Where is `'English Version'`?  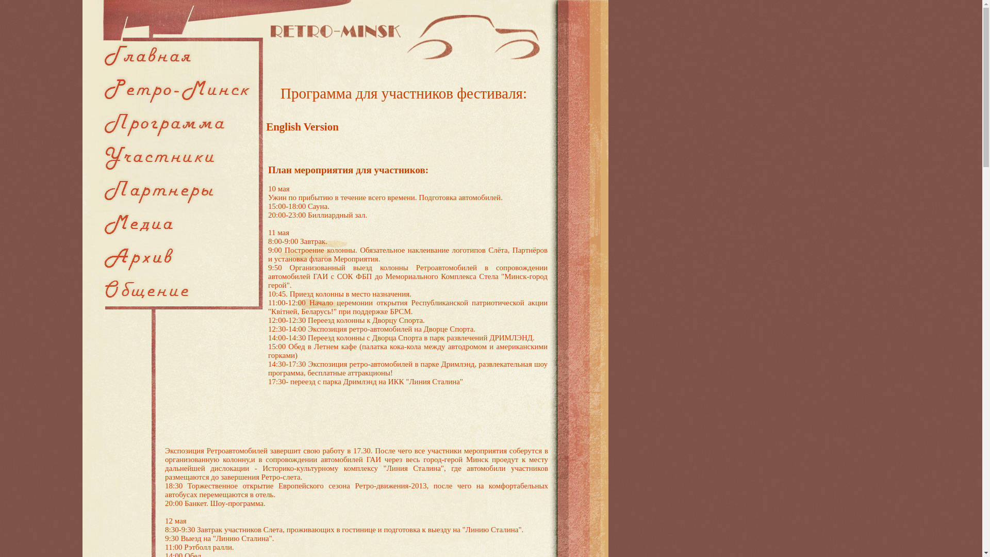 'English Version' is located at coordinates (302, 126).